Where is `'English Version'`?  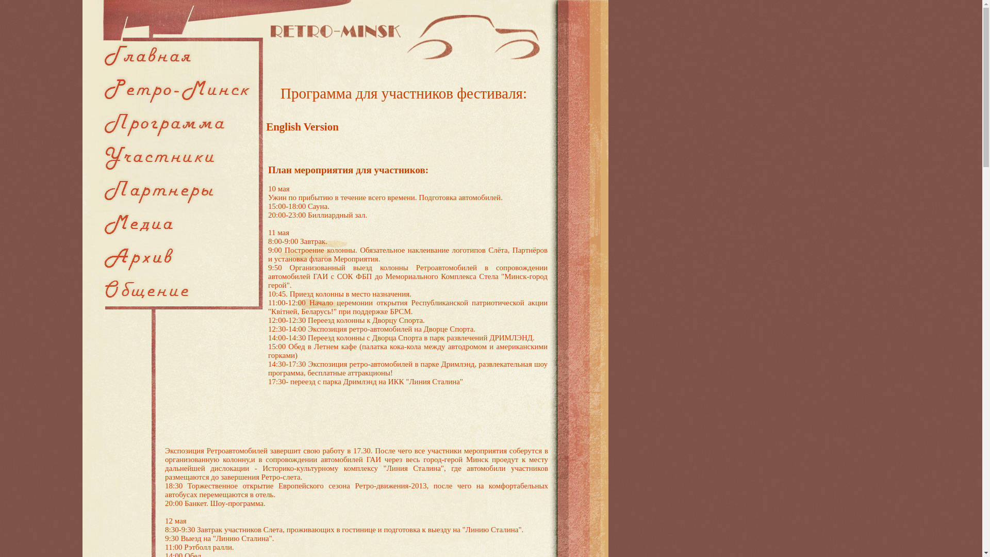 'English Version' is located at coordinates (302, 126).